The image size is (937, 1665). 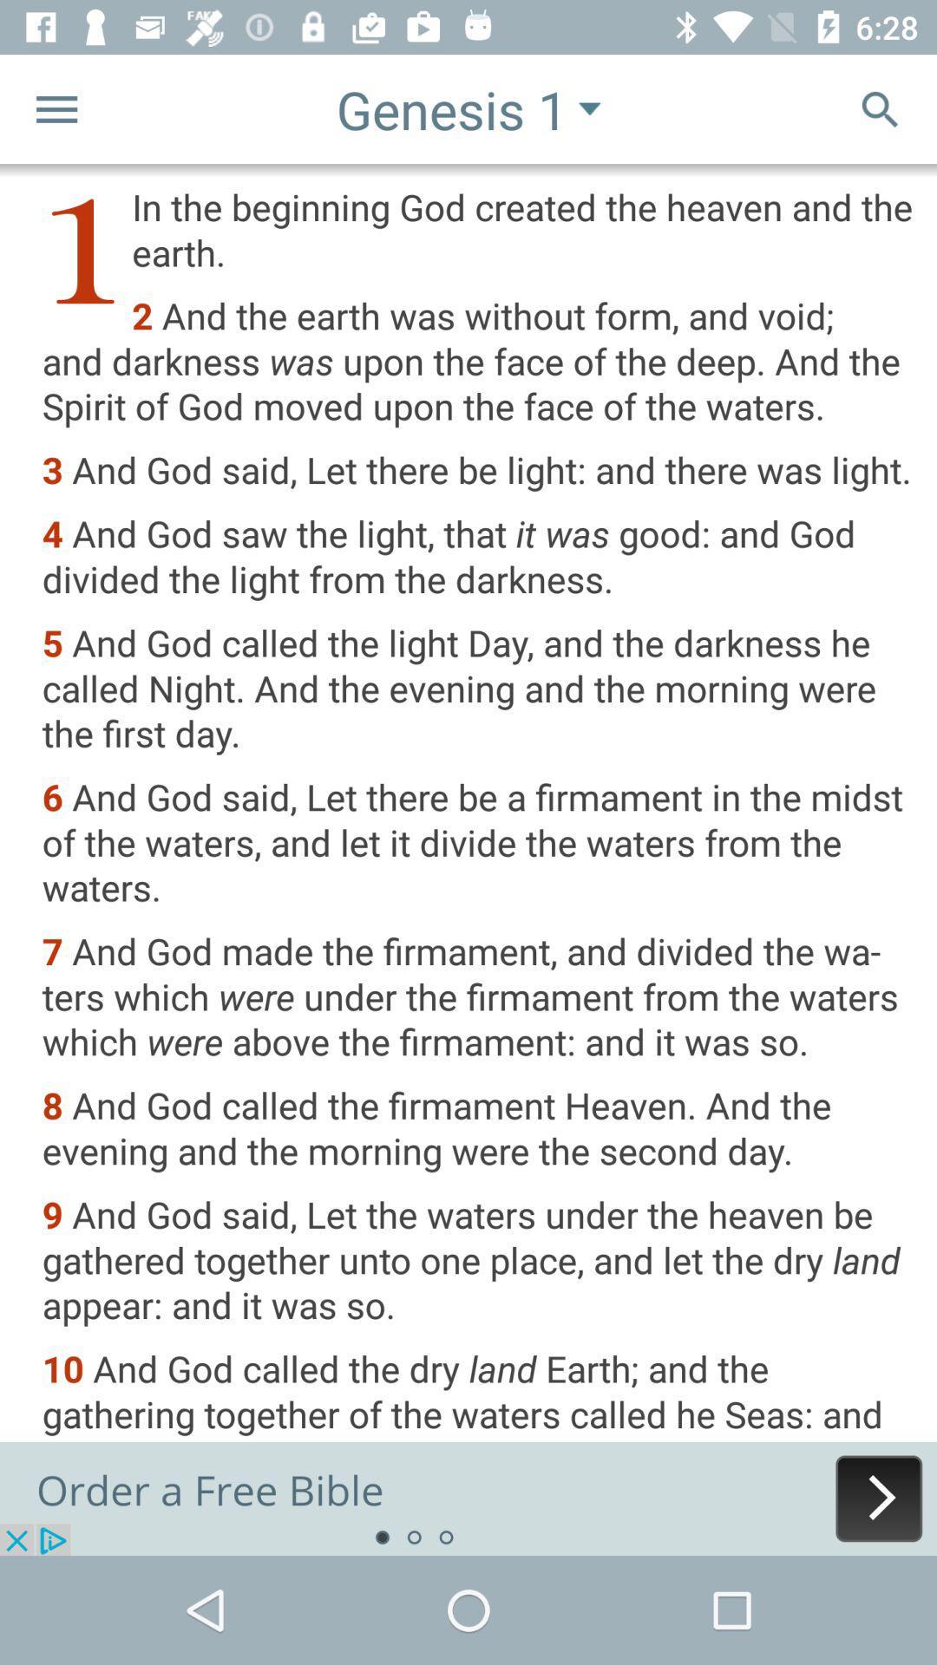 I want to click on the search icon, so click(x=880, y=108).